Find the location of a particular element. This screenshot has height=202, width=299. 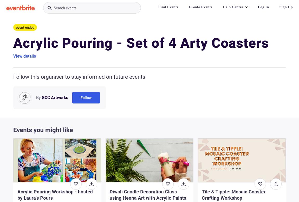

'GCC Artworks' is located at coordinates (55, 97).